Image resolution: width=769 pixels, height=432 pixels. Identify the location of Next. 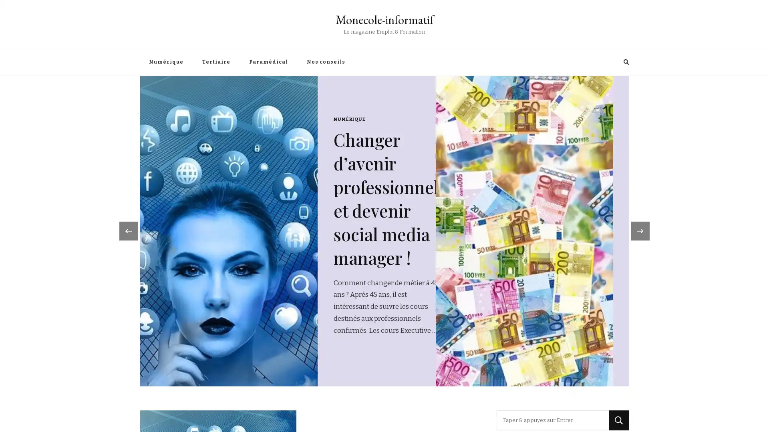
(642, 196).